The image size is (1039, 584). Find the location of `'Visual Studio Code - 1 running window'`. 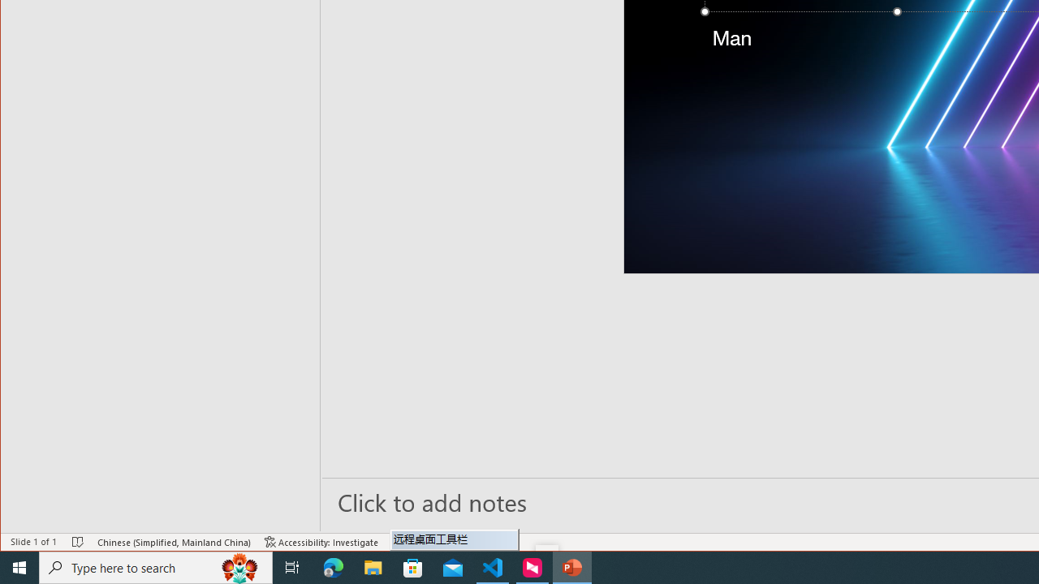

'Visual Studio Code - 1 running window' is located at coordinates (492, 566).